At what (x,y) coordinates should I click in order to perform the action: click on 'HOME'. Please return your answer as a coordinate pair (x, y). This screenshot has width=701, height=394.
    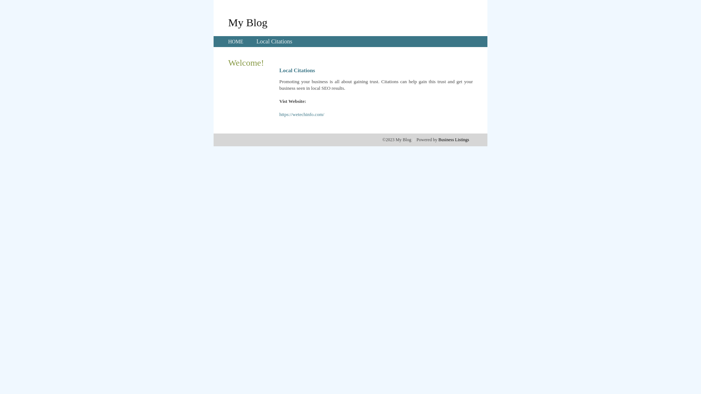
    Looking at the image, I should click on (235, 42).